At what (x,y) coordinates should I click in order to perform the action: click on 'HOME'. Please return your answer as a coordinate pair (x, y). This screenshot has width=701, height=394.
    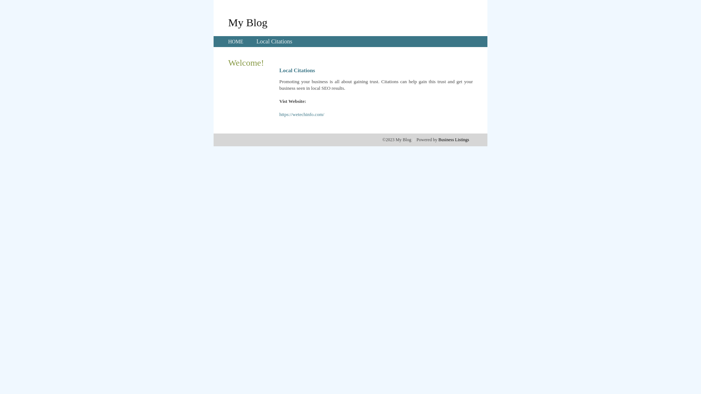
    Looking at the image, I should click on (235, 42).